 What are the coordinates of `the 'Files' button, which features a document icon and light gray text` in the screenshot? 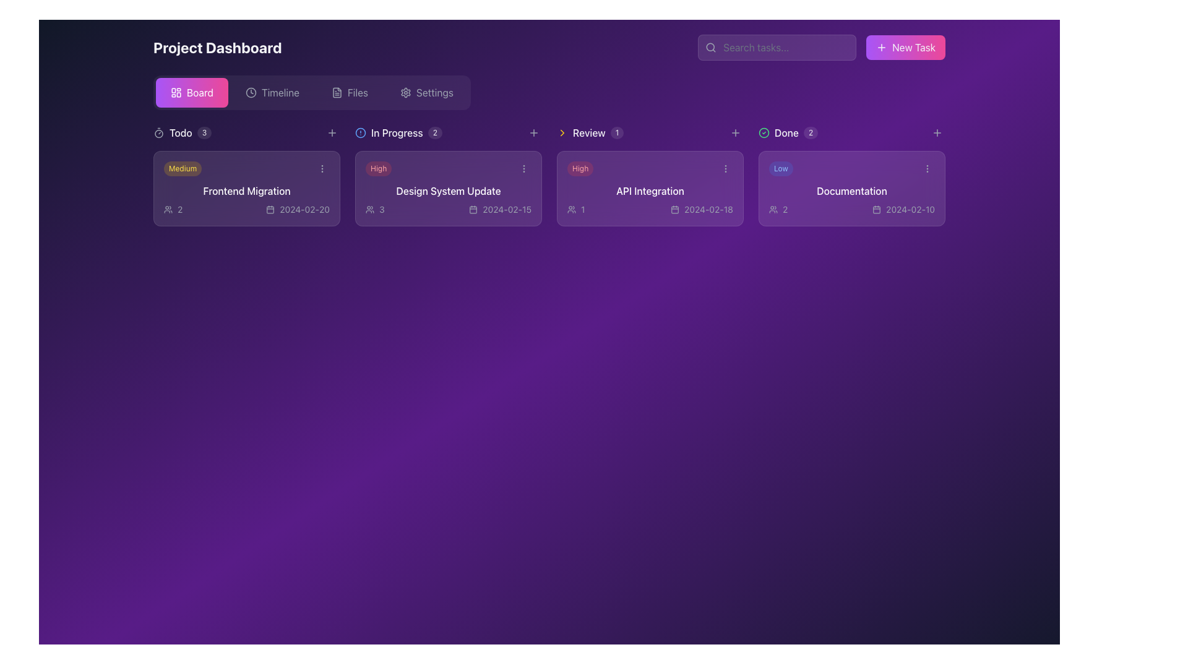 It's located at (349, 92).